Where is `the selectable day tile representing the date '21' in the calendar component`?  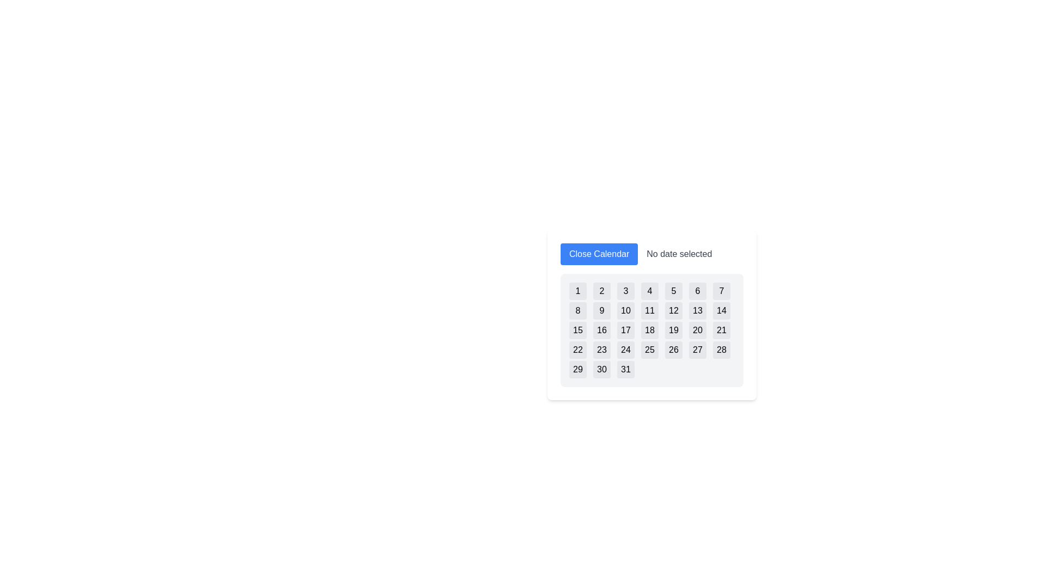
the selectable day tile representing the date '21' in the calendar component is located at coordinates (721, 329).